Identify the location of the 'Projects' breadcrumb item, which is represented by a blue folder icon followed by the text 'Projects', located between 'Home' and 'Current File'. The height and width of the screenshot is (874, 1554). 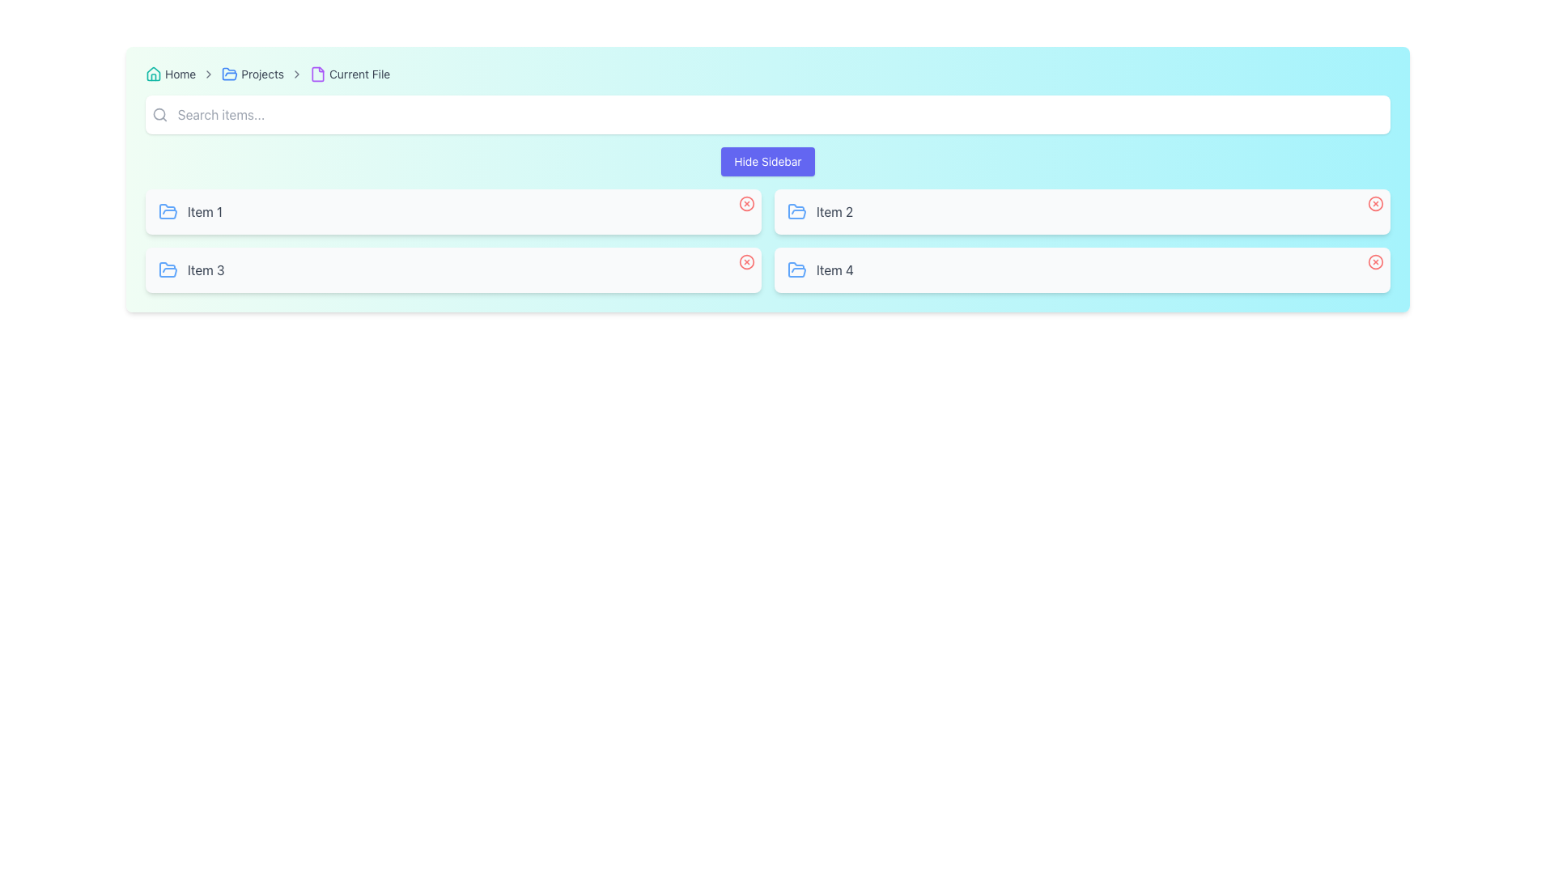
(252, 74).